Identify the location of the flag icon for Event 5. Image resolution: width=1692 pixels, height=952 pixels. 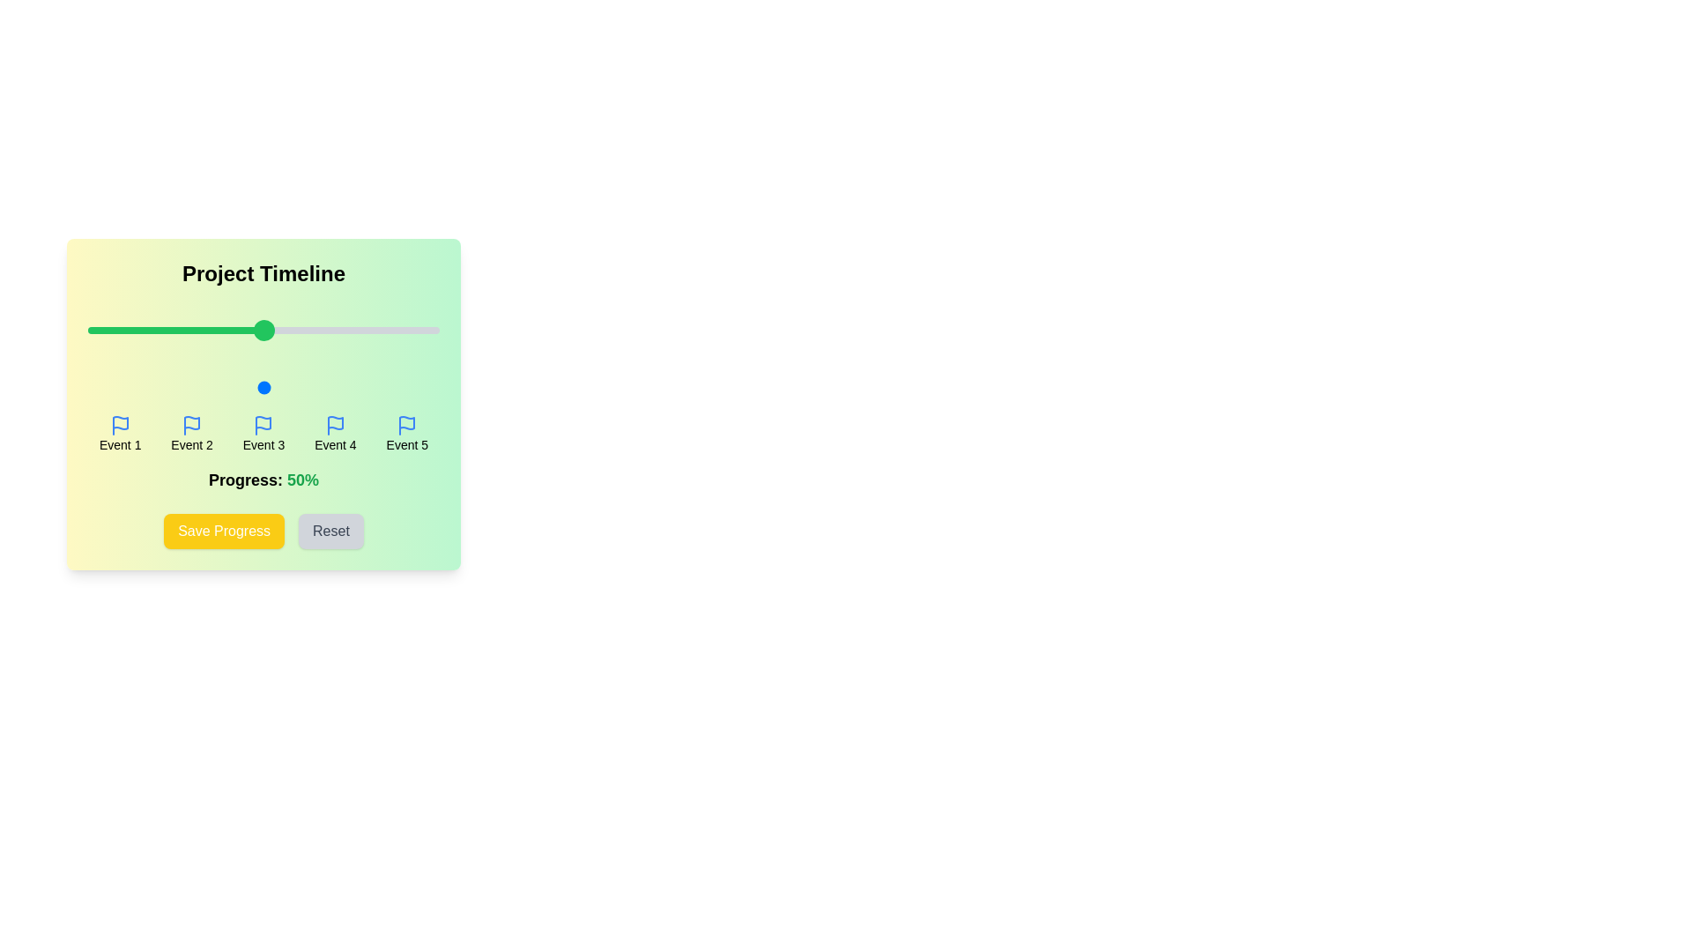
(406, 425).